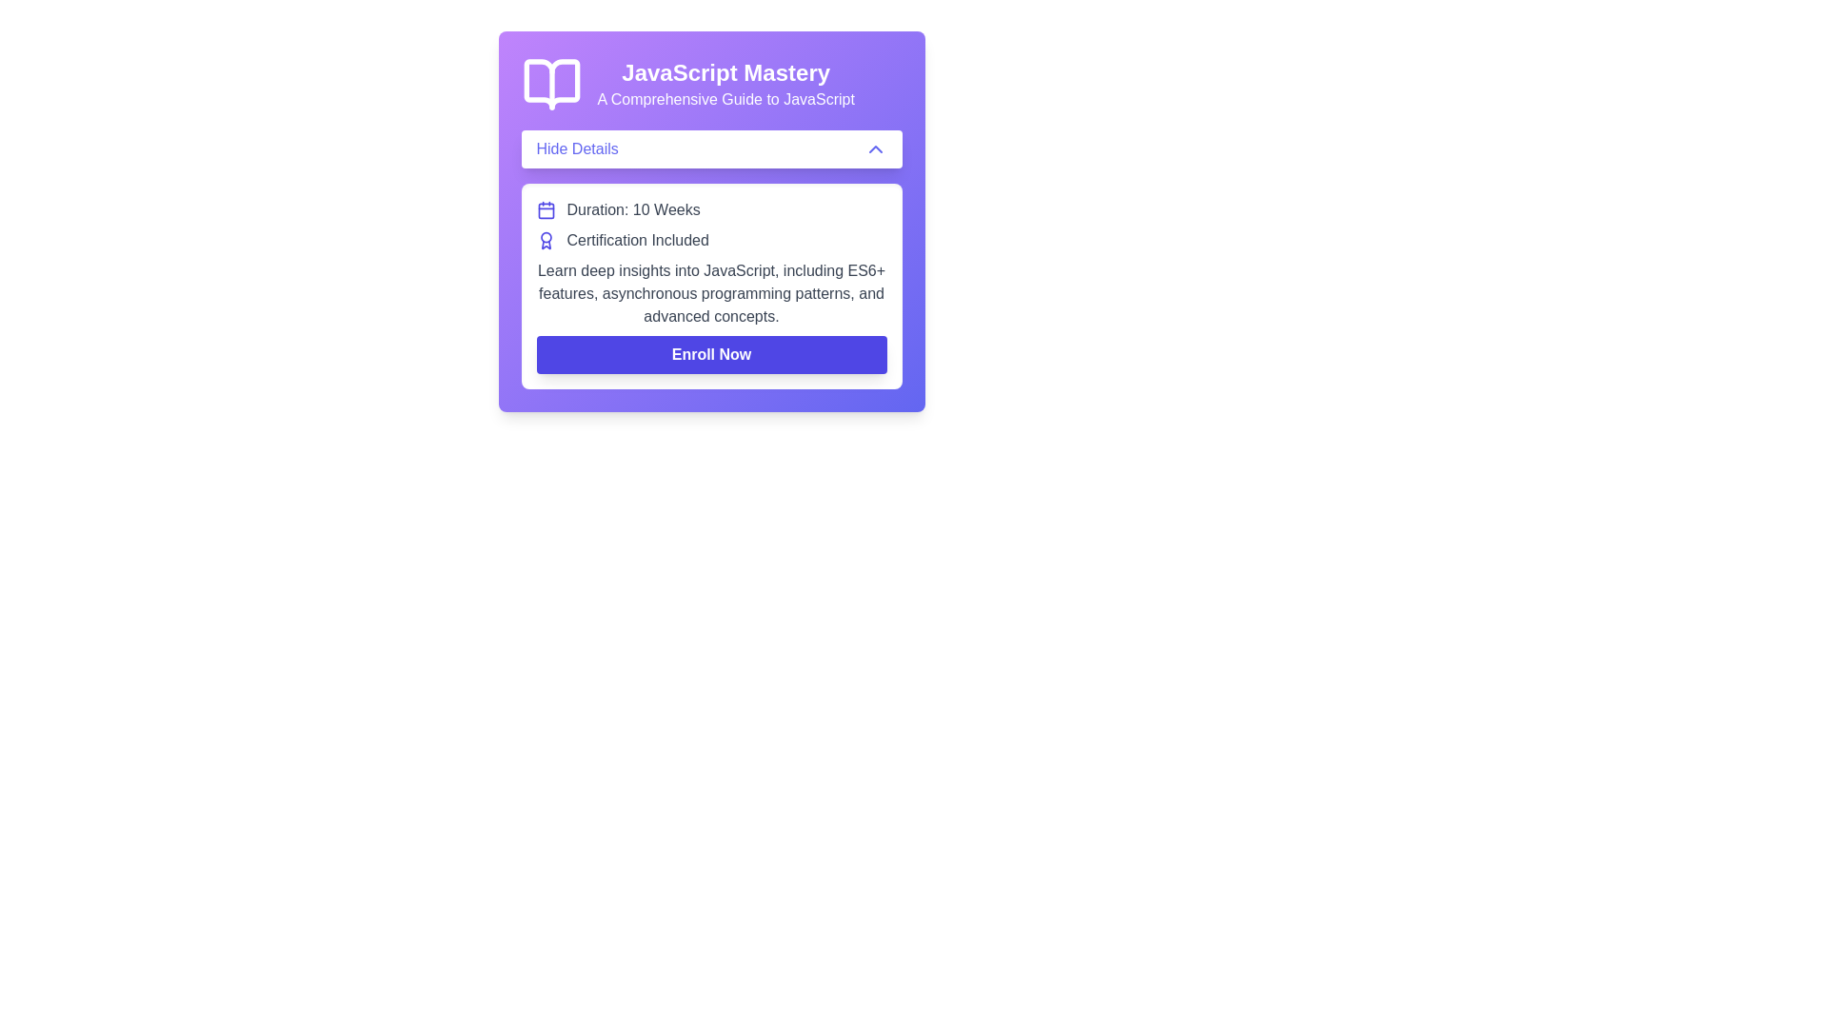 This screenshot has height=1028, width=1828. I want to click on the stylized book icon located in the top-left section of the card interface for 'JavaScript Mastery' to use it as part of the card's navigation, so click(550, 83).